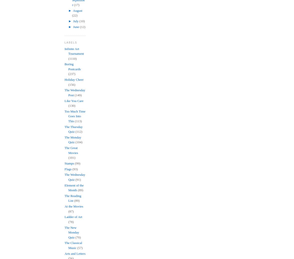 The width and height of the screenshot is (294, 259). Describe the element at coordinates (73, 198) in the screenshot. I see `'The Reading List'` at that location.